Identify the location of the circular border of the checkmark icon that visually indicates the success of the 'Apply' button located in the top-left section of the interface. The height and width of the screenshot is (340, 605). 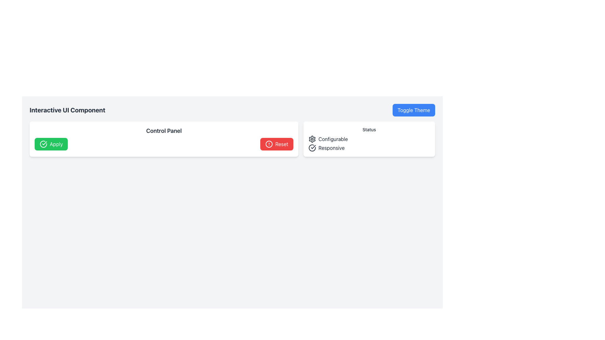
(43, 144).